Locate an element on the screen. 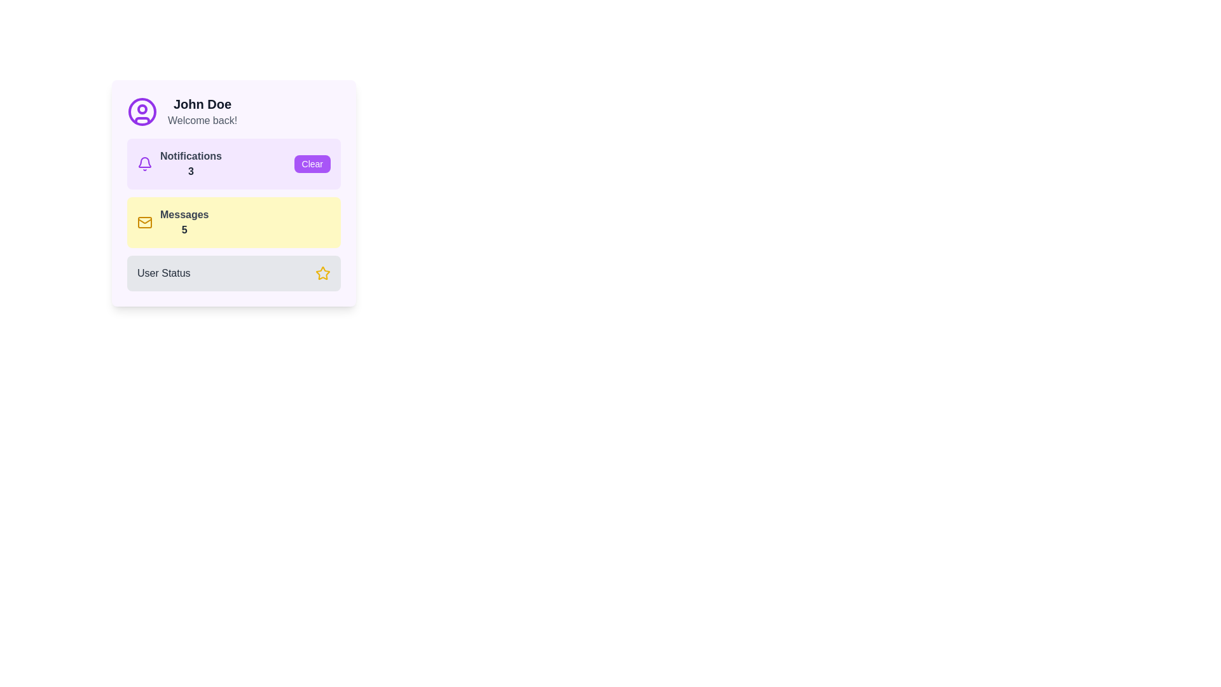 This screenshot has height=687, width=1221. the yellowish-orange envelope icon with rounded corners located in the 'Messages' section of the user interface is located at coordinates (144, 222).